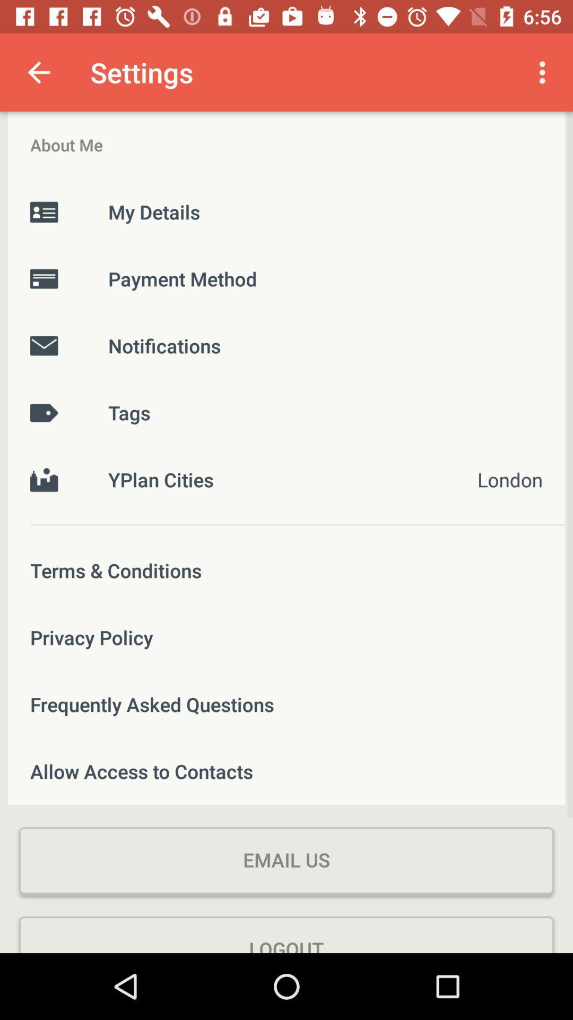 The image size is (573, 1020). What do you see at coordinates (38, 72) in the screenshot?
I see `item above about me item` at bounding box center [38, 72].